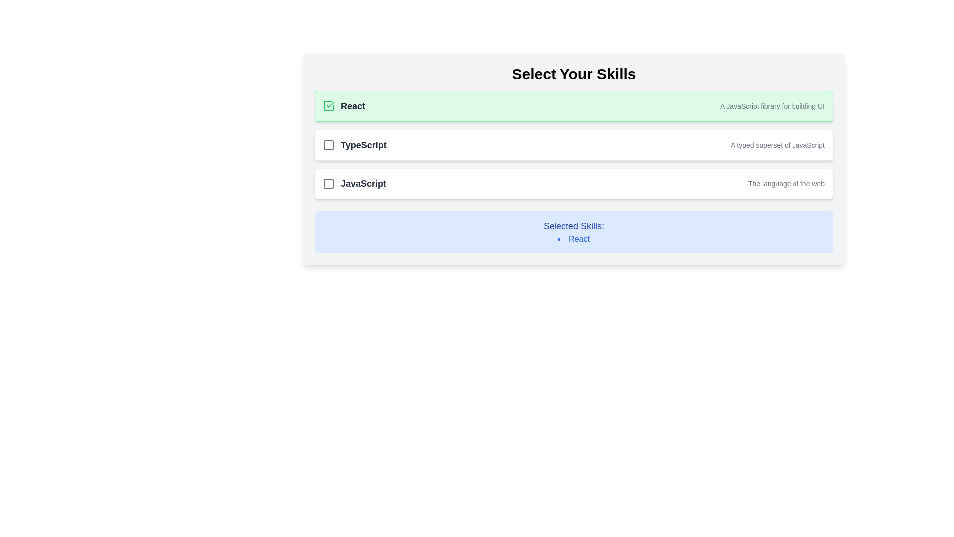 The height and width of the screenshot is (537, 954). What do you see at coordinates (344, 106) in the screenshot?
I see `the textual content of the 'React' label, which is part of a selectable list and visually indicated by a green checkmark icon` at bounding box center [344, 106].